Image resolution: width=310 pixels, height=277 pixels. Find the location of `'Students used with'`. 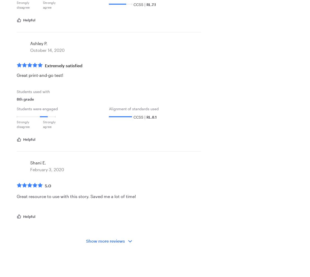

'Students used with' is located at coordinates (33, 91).